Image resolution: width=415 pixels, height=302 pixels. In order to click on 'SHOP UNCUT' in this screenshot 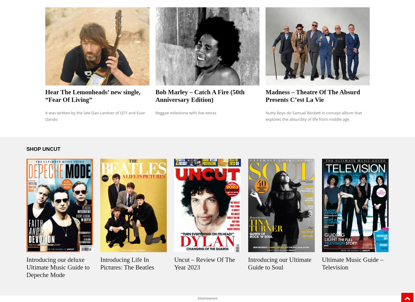, I will do `click(43, 149)`.